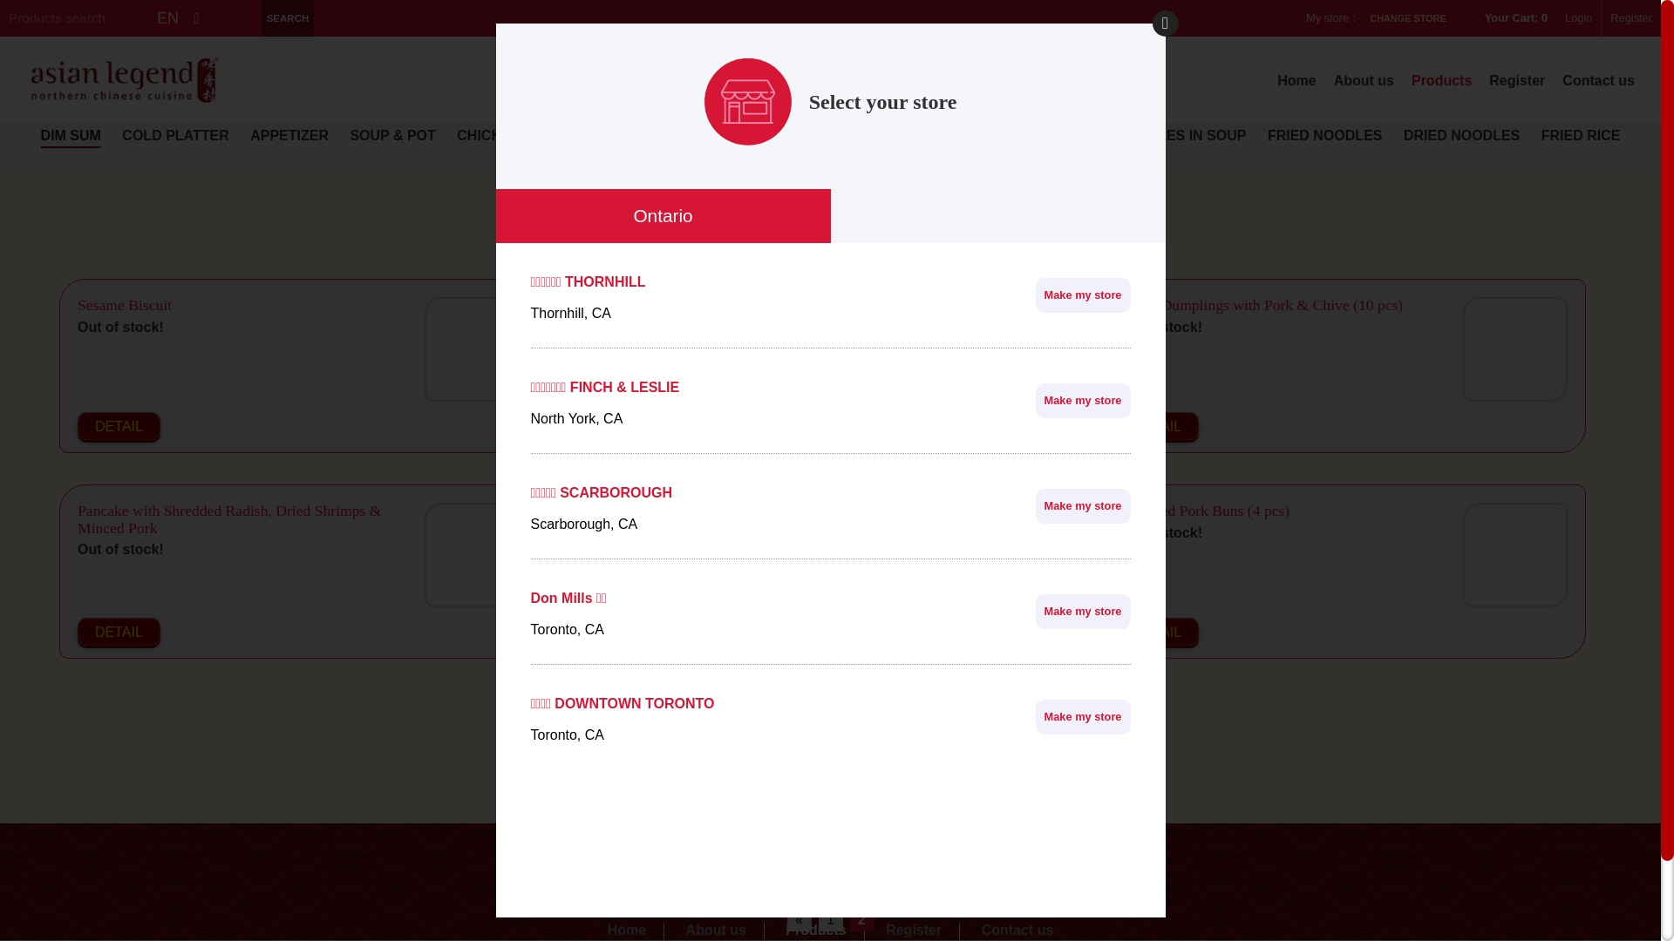 Image resolution: width=1674 pixels, height=941 pixels. I want to click on 'APPETIZER', so click(289, 134).